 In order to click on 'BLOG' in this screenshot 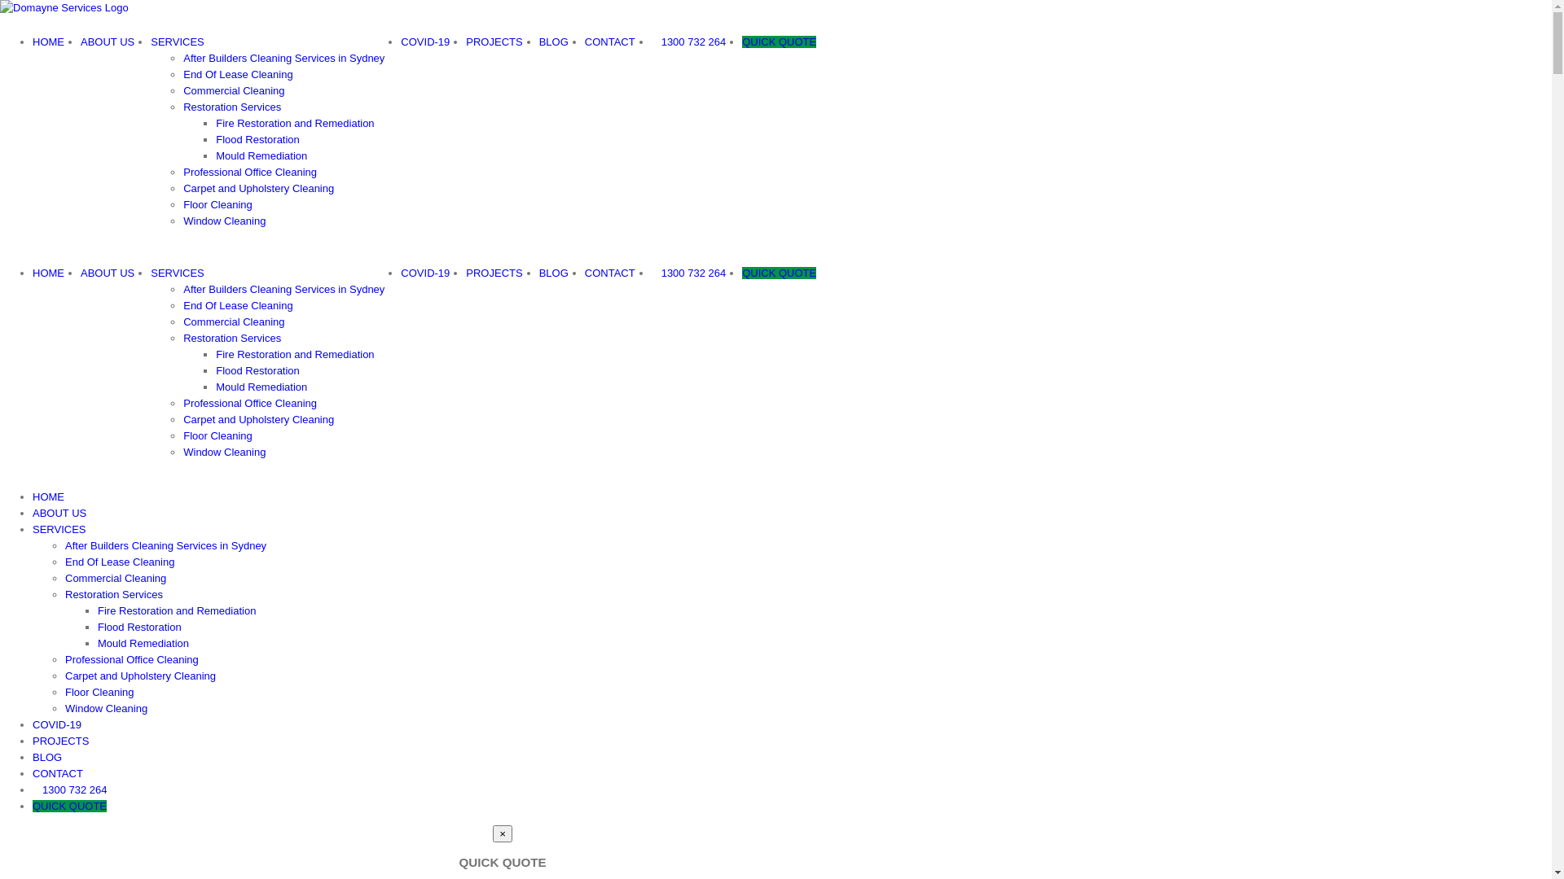, I will do `click(46, 757)`.